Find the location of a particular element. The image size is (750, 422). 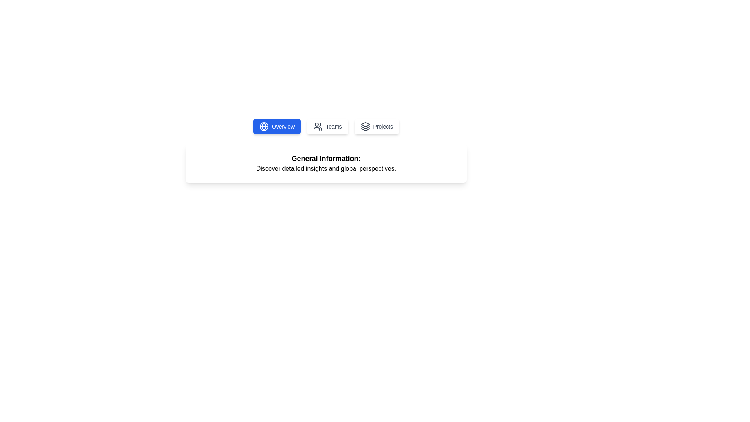

the 'Teams' button, which is a rectangular button with rounded corners, white background, and gray text. It is located just above a text section and is the second button in a horizontal row is located at coordinates (327, 126).